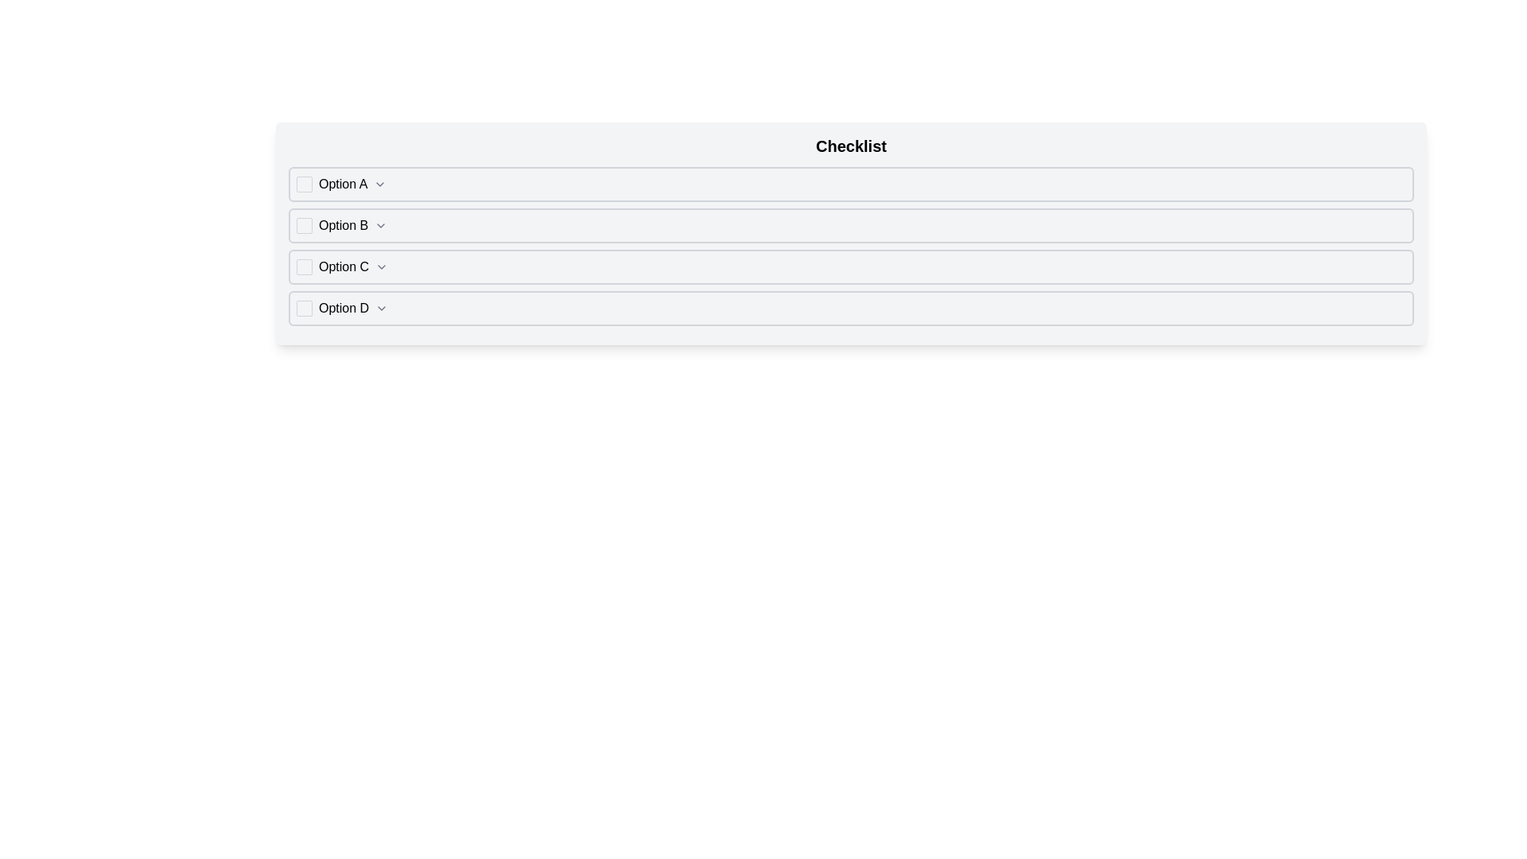  Describe the element at coordinates (382, 309) in the screenshot. I see `the dropdown toggle icon located at the far right of the 'Option D' row` at that location.